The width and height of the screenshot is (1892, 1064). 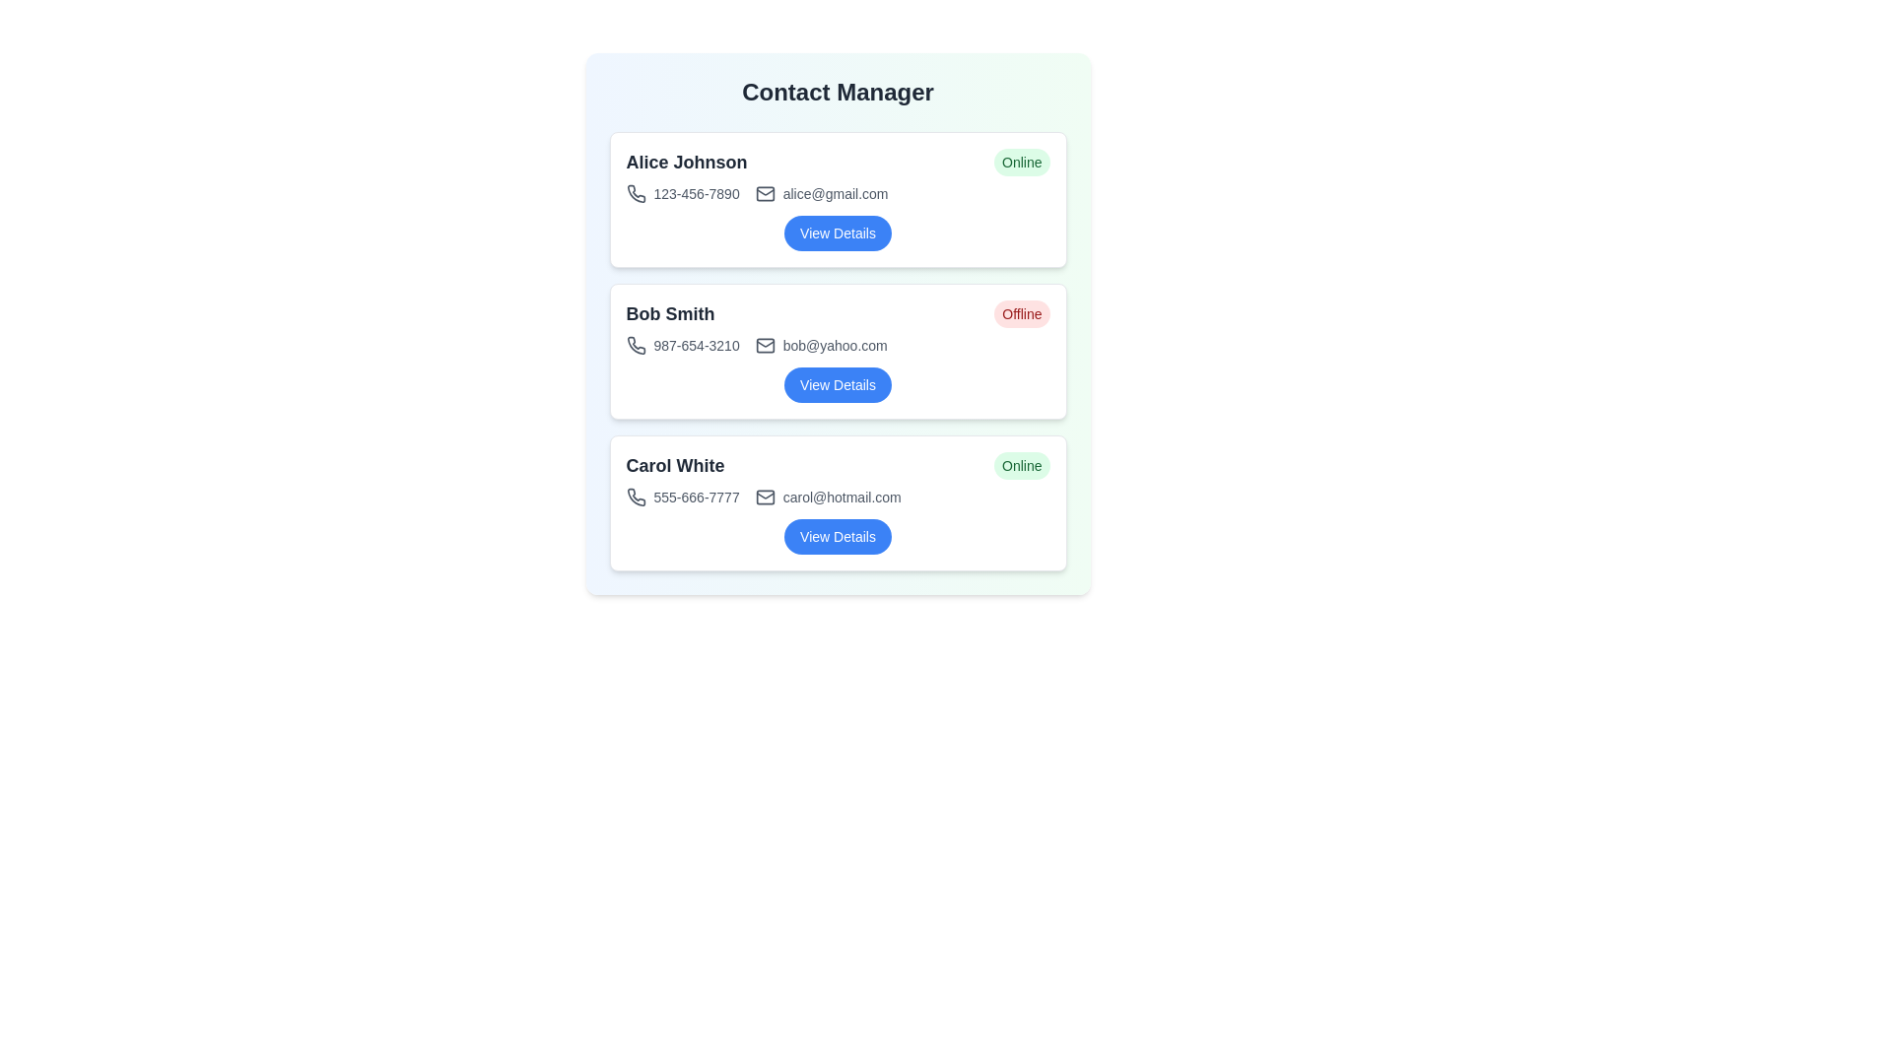 I want to click on the 'View Details' button for the contact identified by Carol White, so click(x=838, y=536).